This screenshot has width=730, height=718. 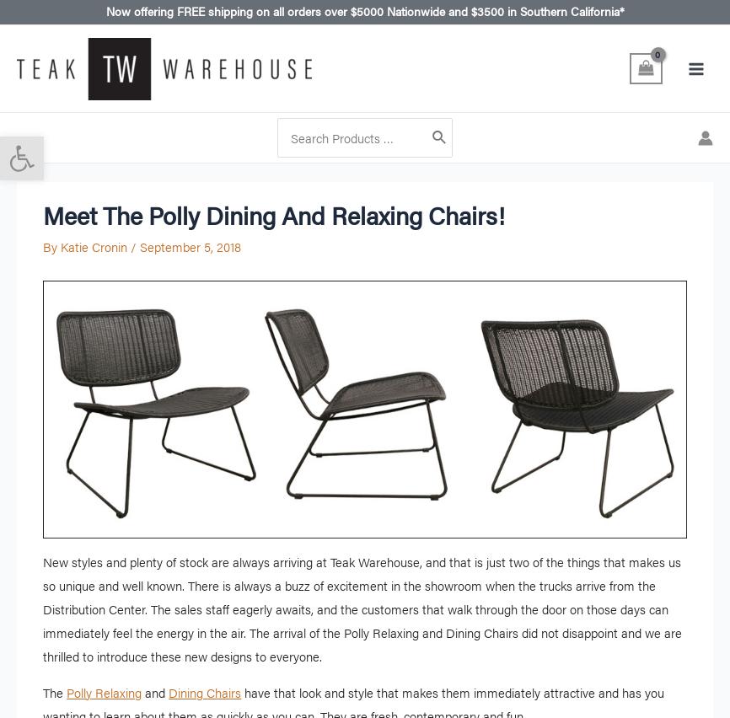 I want to click on 'Meet The Polly Dining And Relaxing Chairs!', so click(x=273, y=213).